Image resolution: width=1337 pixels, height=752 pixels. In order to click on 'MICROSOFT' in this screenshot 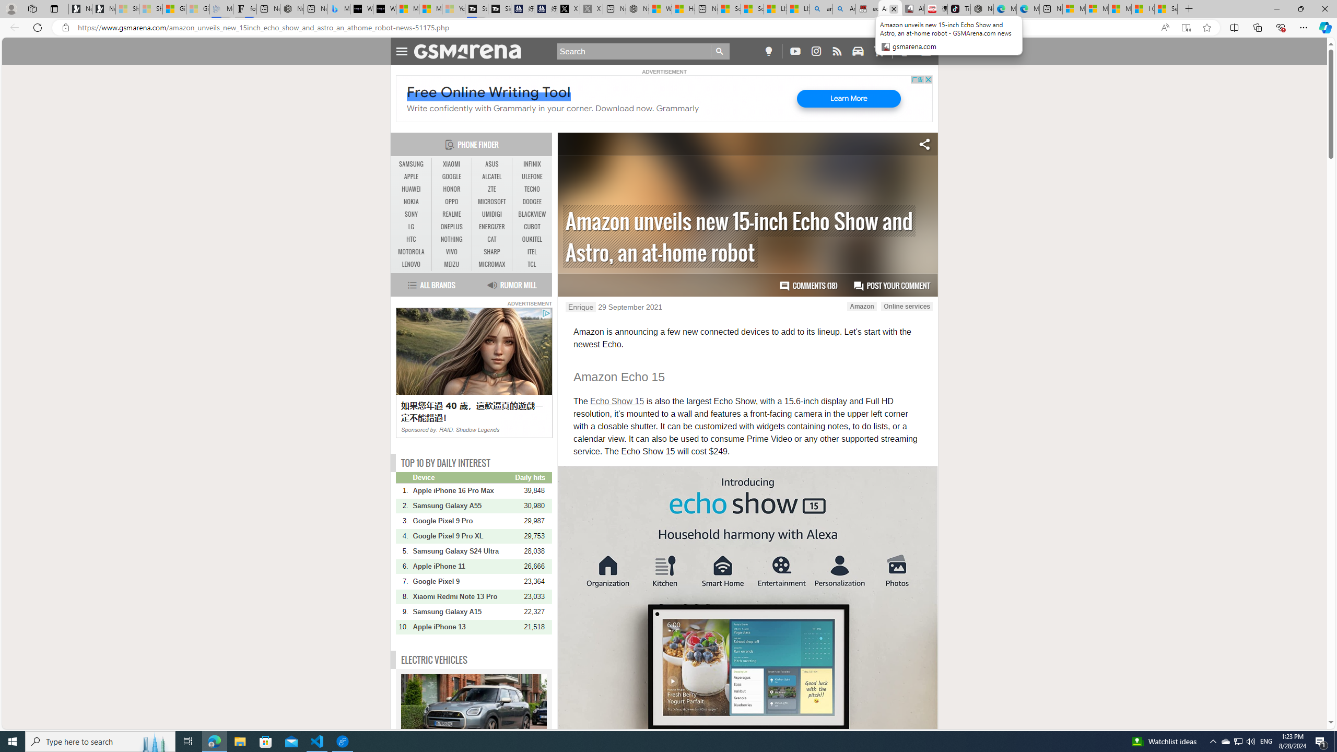, I will do `click(491, 202)`.